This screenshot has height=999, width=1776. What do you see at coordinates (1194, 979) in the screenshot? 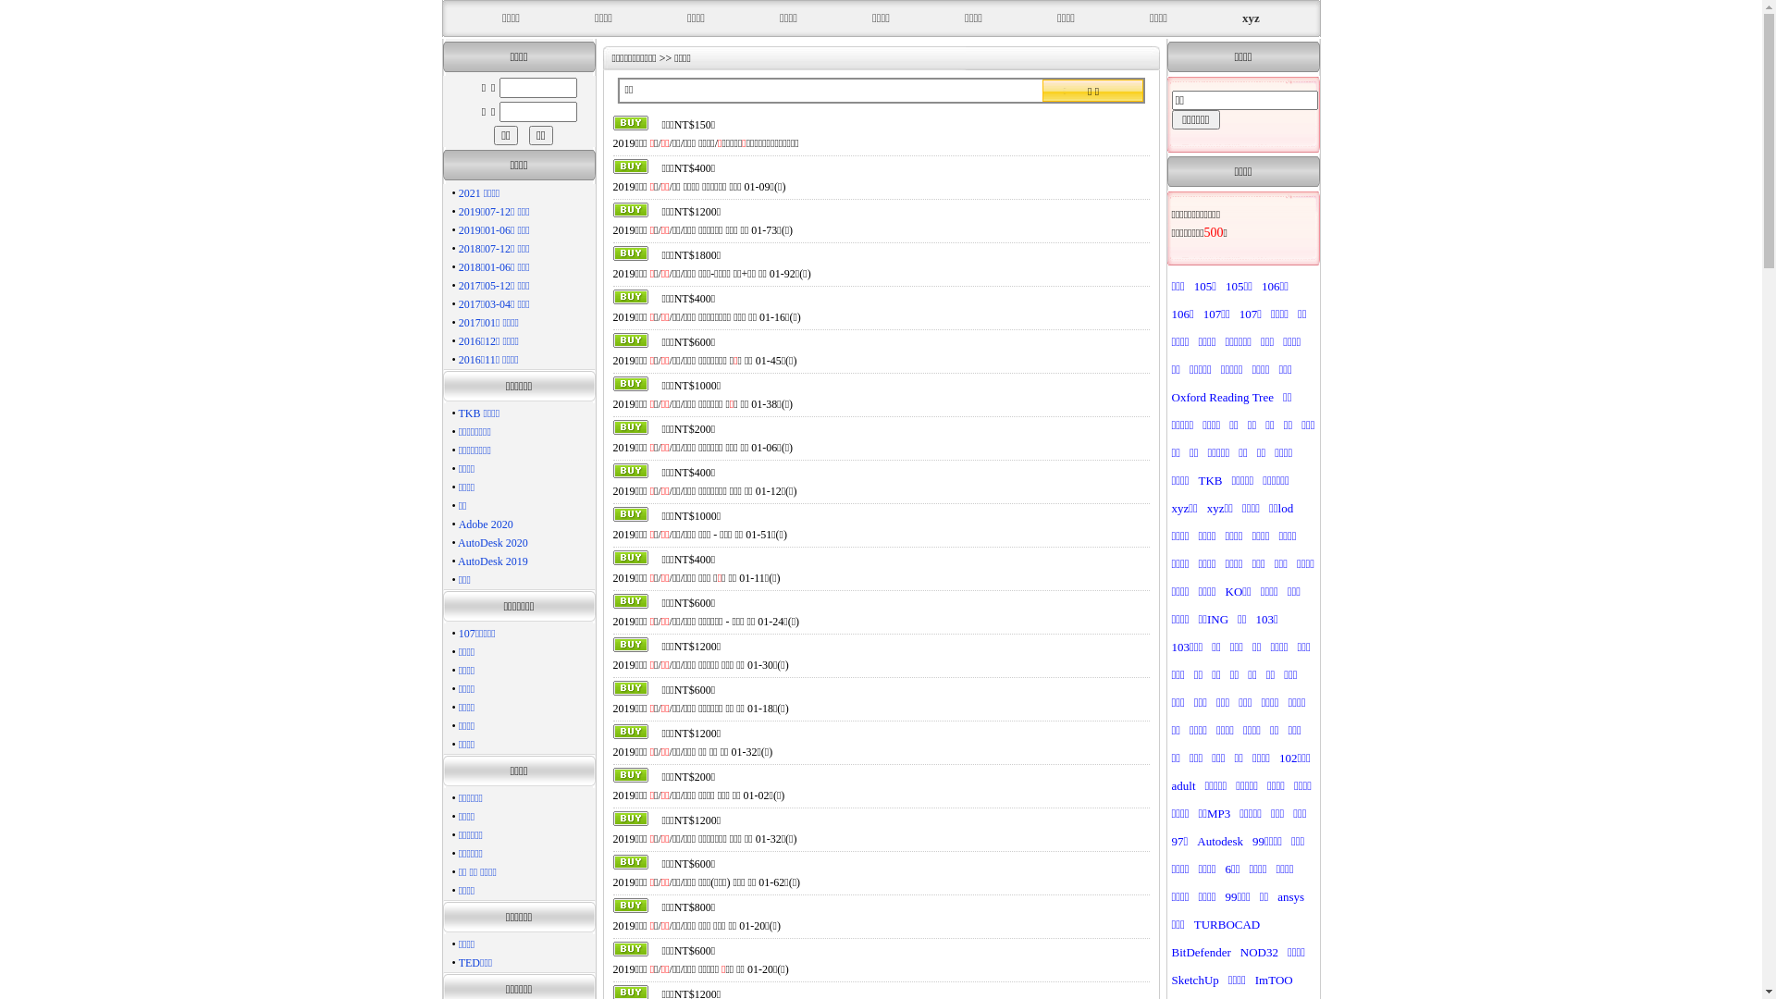
I see `'SketchUp'` at bounding box center [1194, 979].